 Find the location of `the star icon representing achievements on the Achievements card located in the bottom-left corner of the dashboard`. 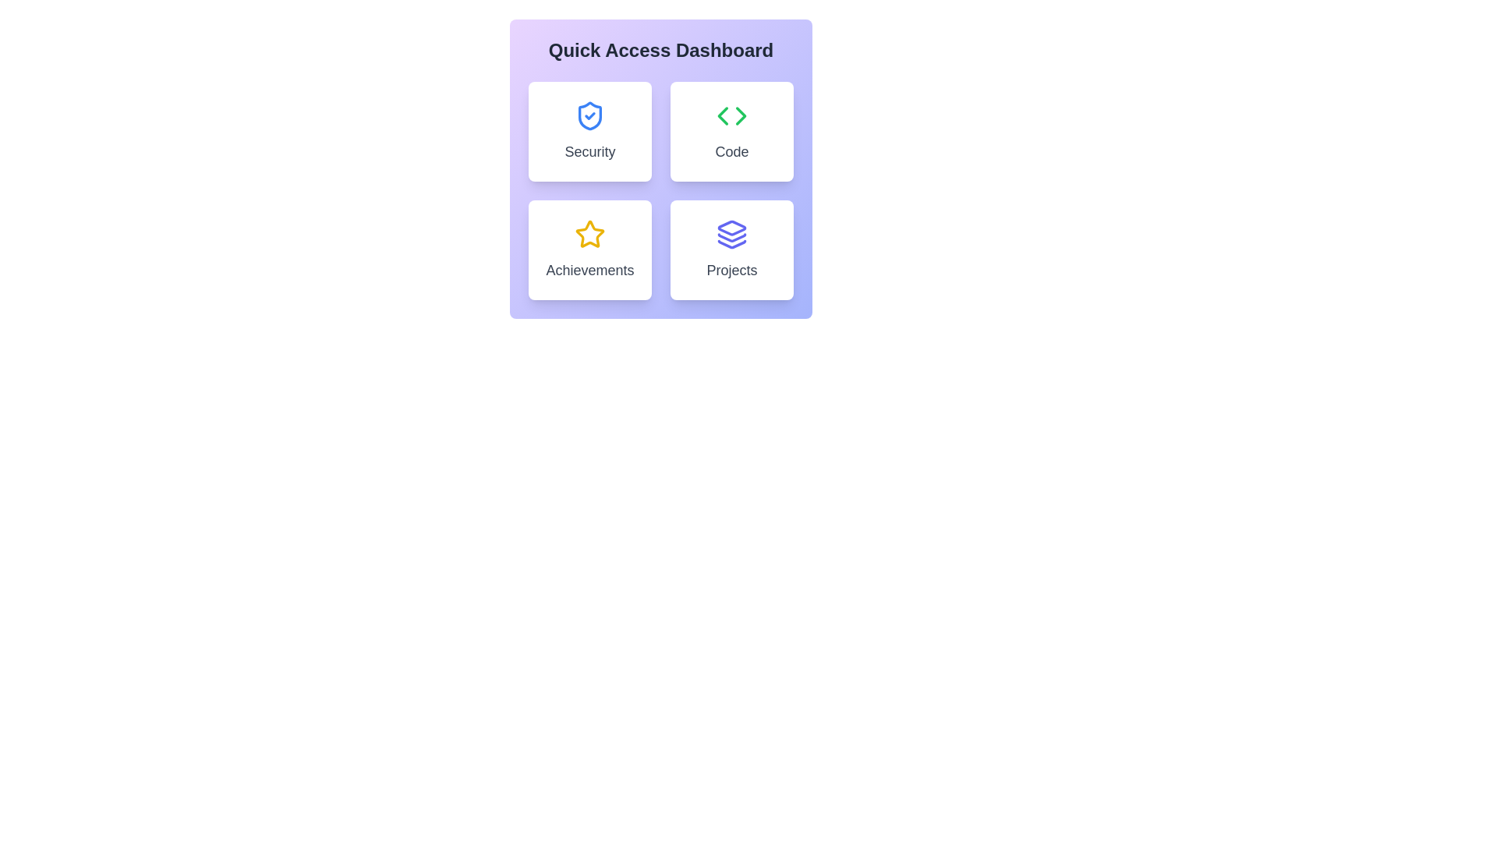

the star icon representing achievements on the Achievements card located in the bottom-left corner of the dashboard is located at coordinates (589, 234).